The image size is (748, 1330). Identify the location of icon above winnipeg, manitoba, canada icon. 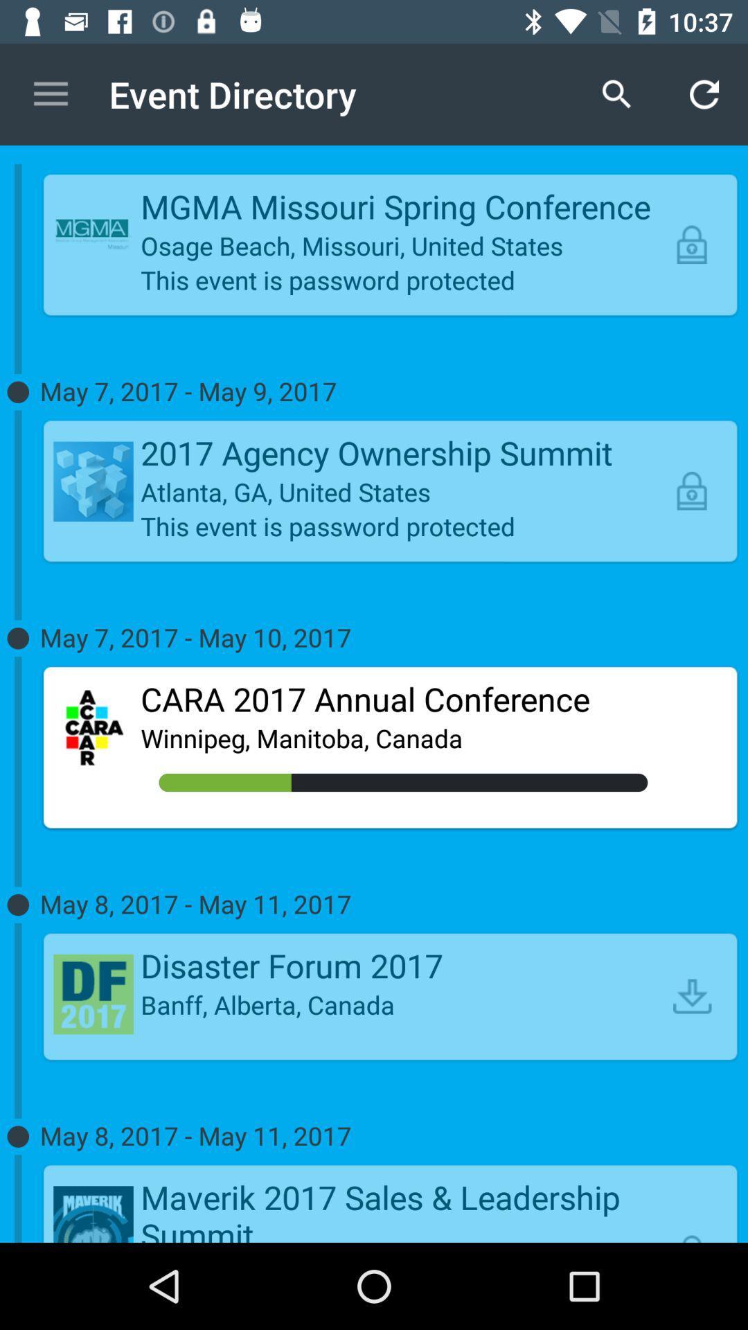
(403, 699).